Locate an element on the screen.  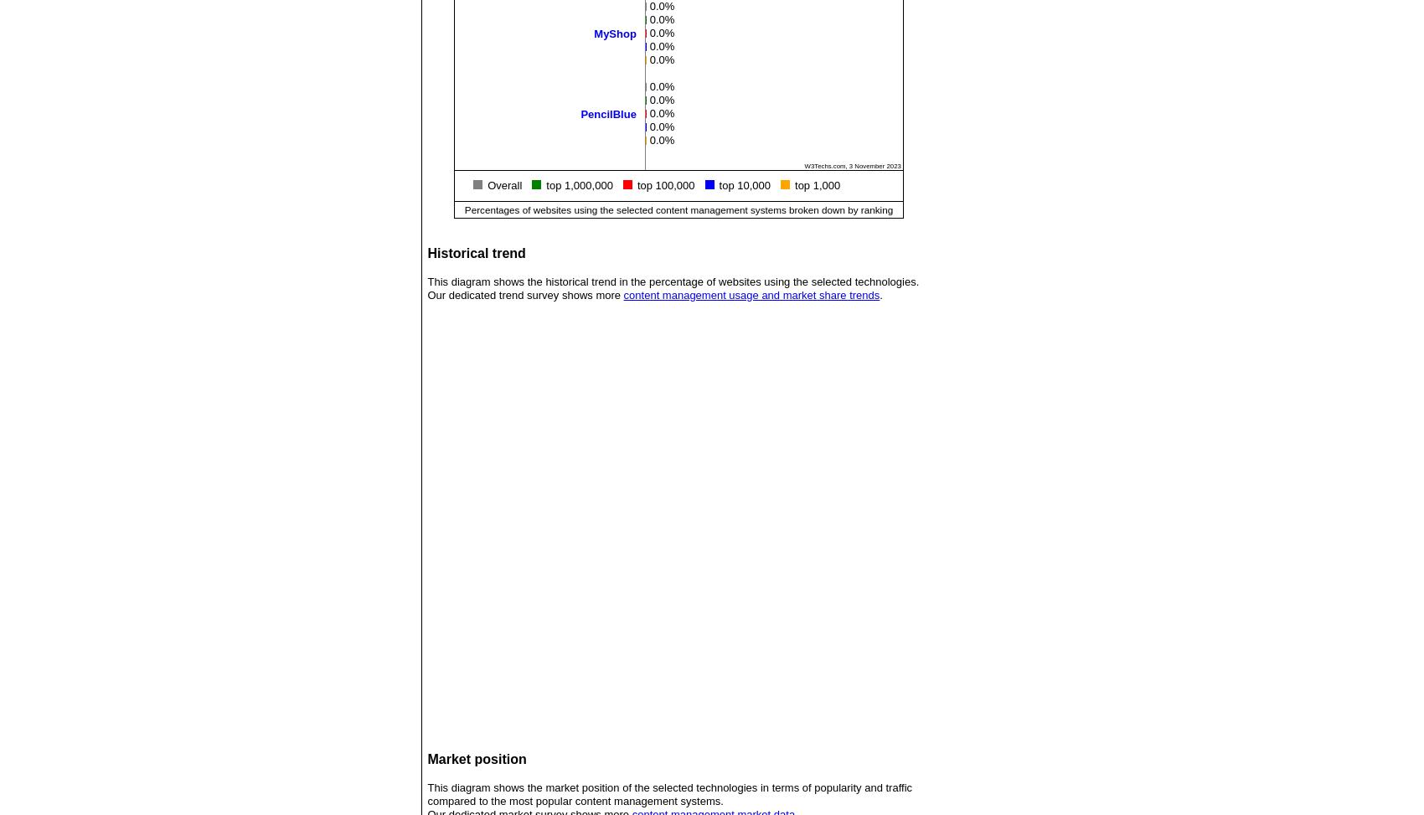
'top 100,000' is located at coordinates (636, 184).